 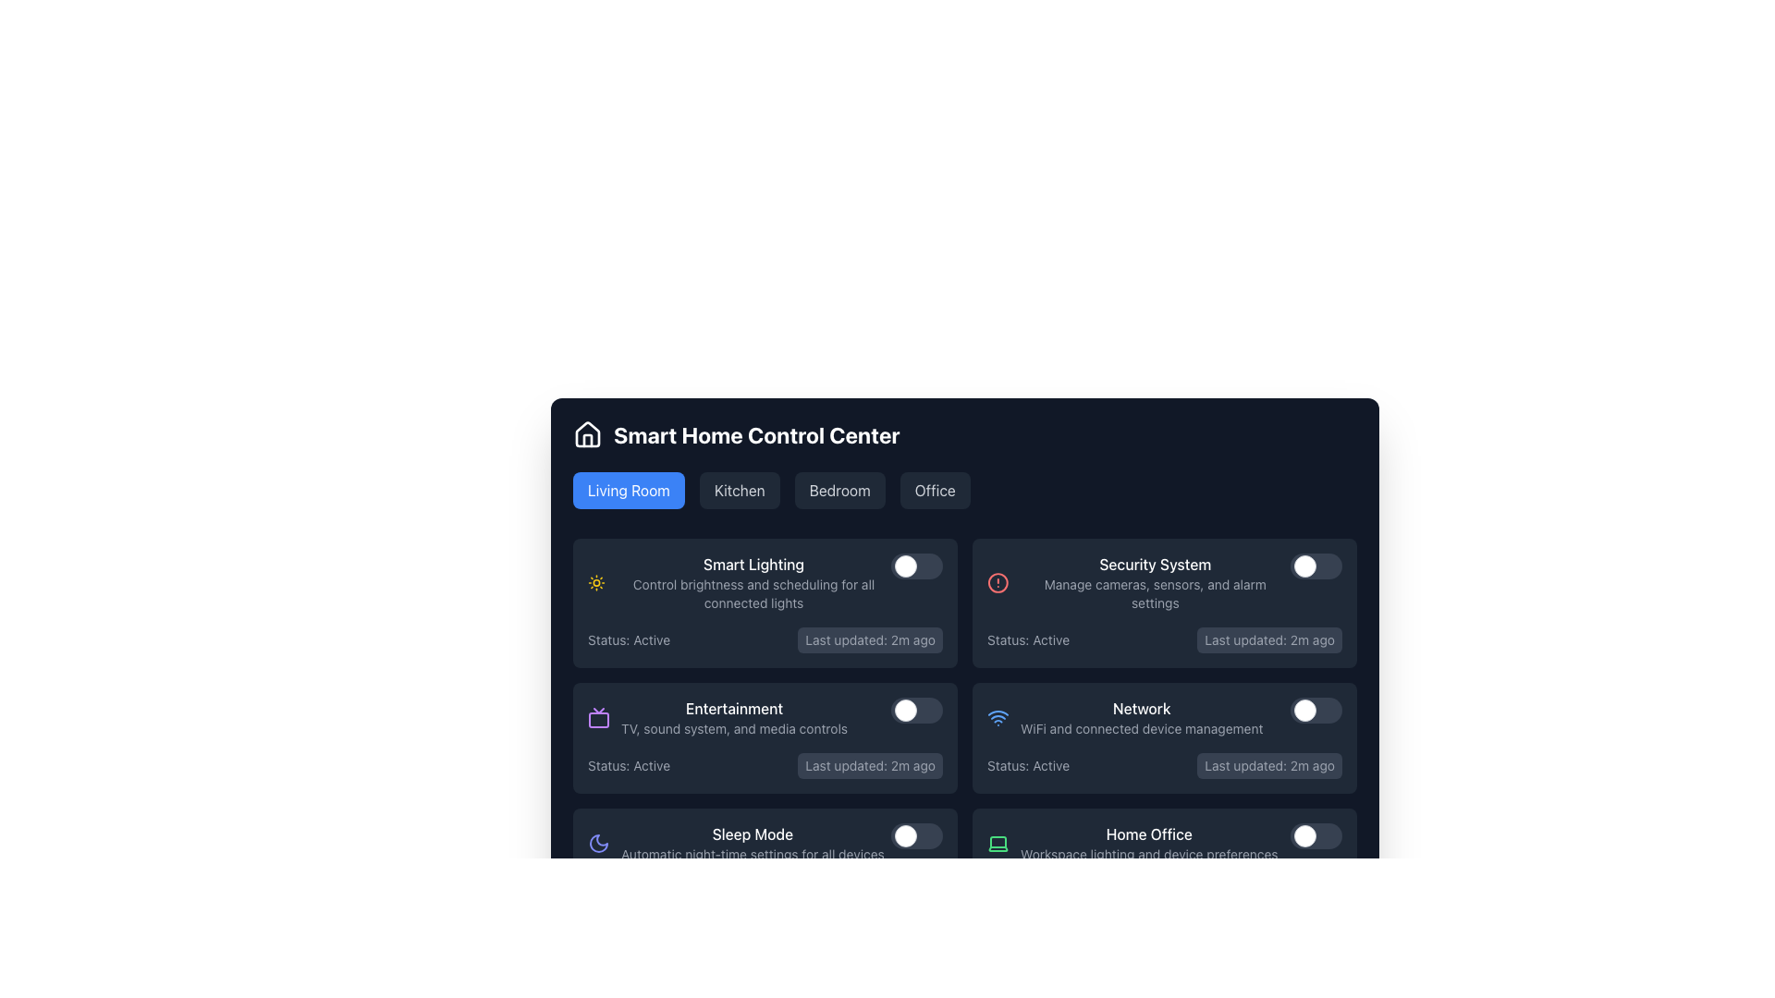 What do you see at coordinates (1124, 716) in the screenshot?
I see `the Informational card that provides an overview of the network settings management, positioned as the third item in the second row of status cards` at bounding box center [1124, 716].